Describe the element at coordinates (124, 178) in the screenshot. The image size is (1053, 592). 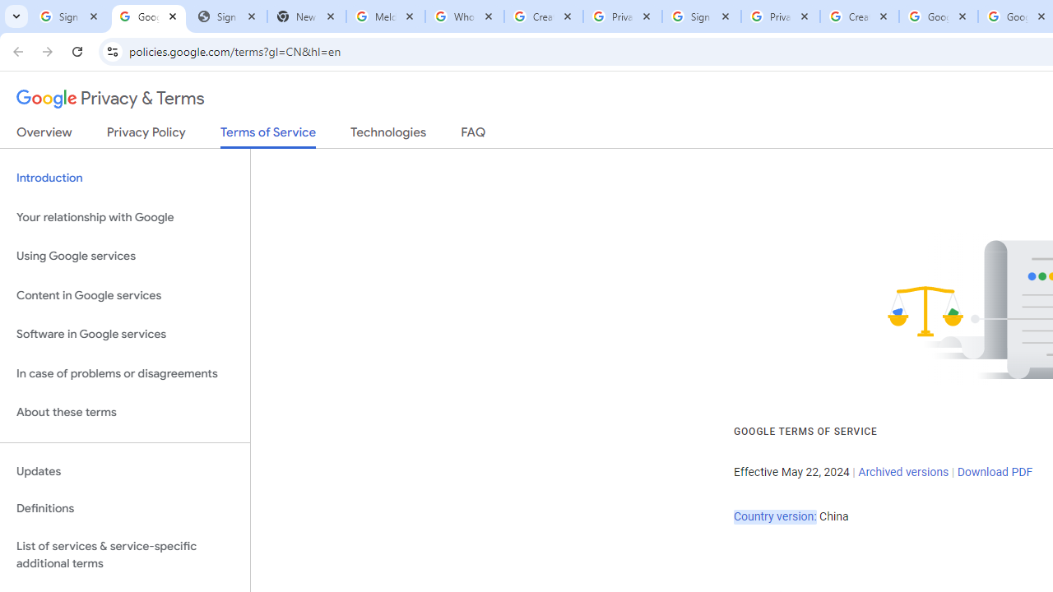
I see `'Introduction'` at that location.